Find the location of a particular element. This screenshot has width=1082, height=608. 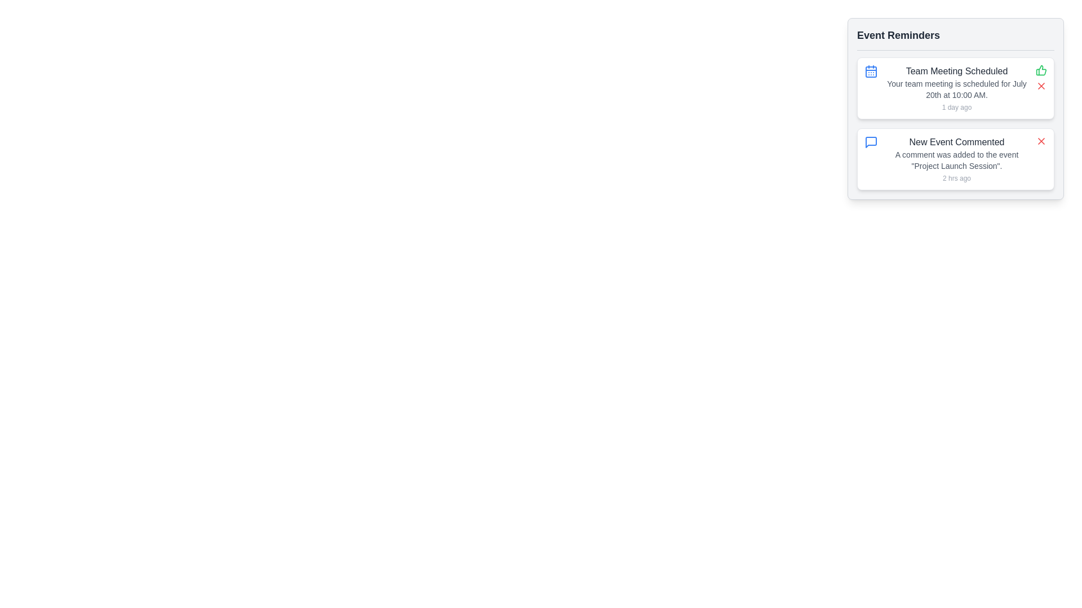

the informational text block displaying the message 'Team Meeting Scheduled' along with its description and timestamp is located at coordinates (956, 88).